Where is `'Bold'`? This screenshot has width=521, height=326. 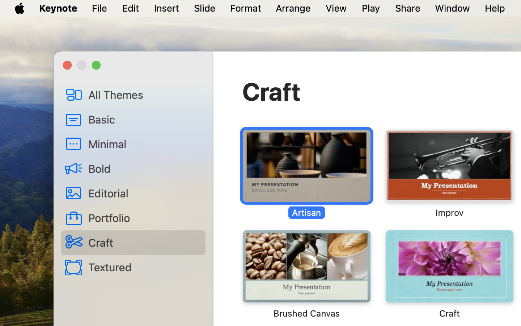 'Bold' is located at coordinates (144, 168).